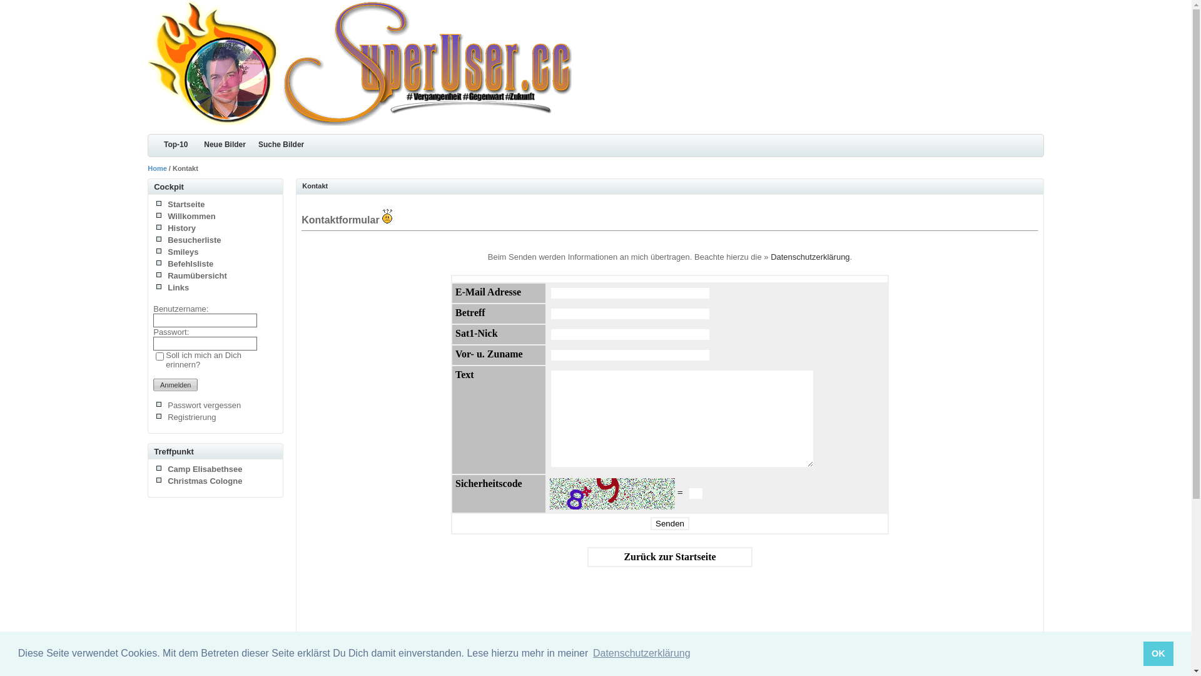 The image size is (1201, 676). I want to click on 'OK', so click(1158, 653).